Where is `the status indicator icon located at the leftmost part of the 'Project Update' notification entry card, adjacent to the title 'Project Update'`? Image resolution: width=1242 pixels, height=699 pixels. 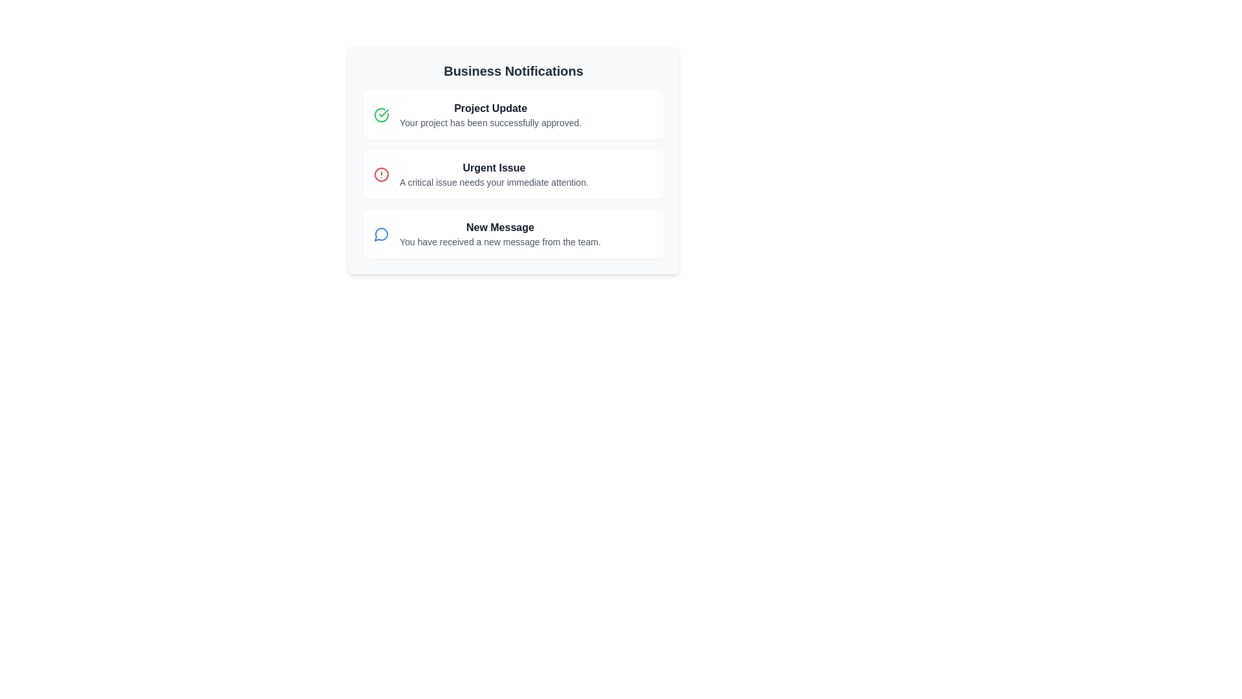
the status indicator icon located at the leftmost part of the 'Project Update' notification entry card, adjacent to the title 'Project Update' is located at coordinates (381, 114).